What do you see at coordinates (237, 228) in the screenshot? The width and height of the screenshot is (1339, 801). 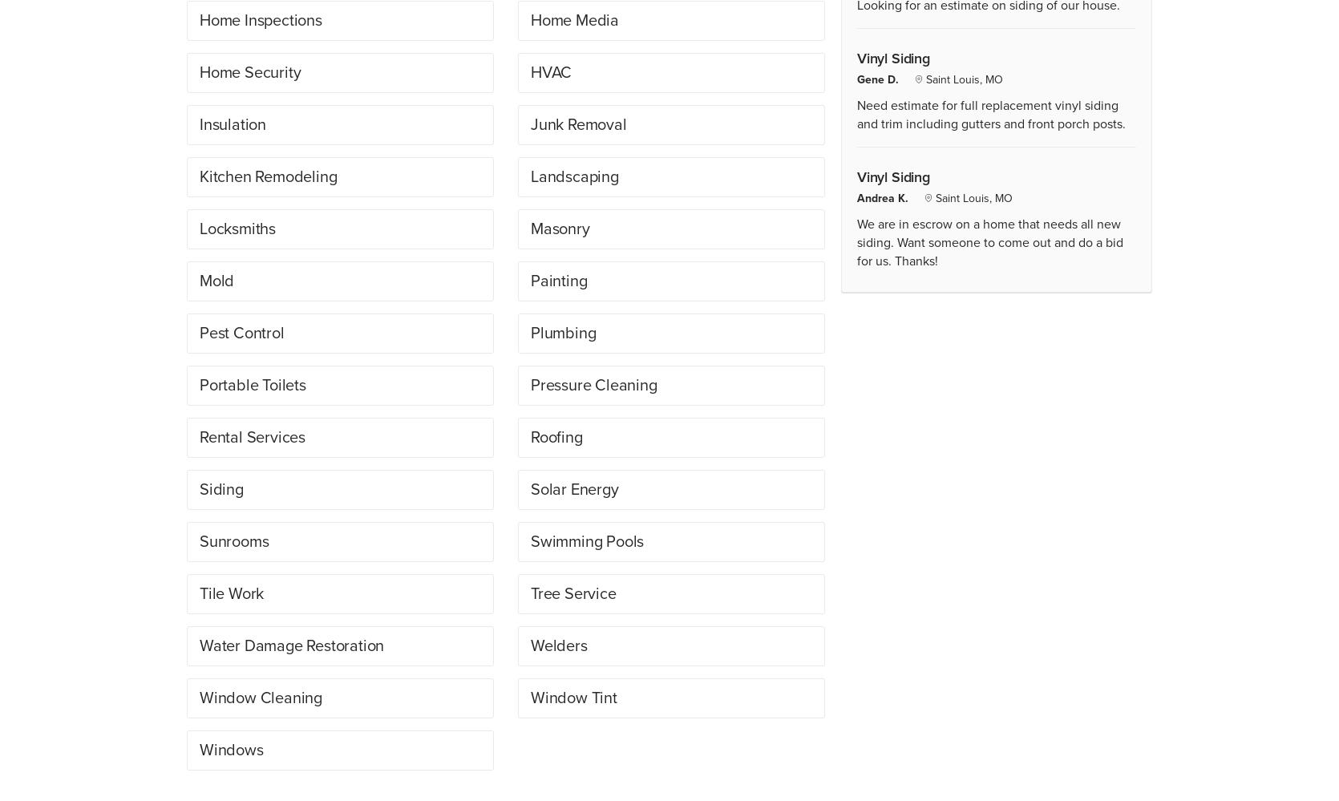 I see `'Locksmiths'` at bounding box center [237, 228].